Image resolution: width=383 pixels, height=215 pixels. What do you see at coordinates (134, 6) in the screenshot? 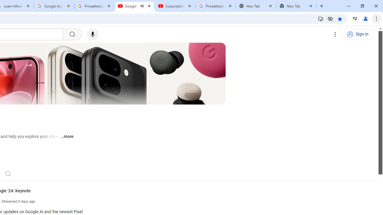
I see `'Google - YouTube - Audio playing'` at bounding box center [134, 6].